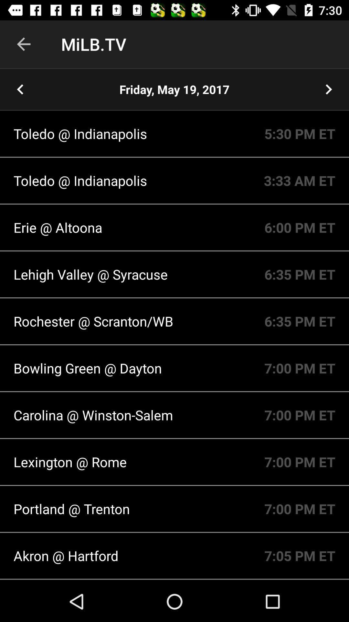  What do you see at coordinates (174, 89) in the screenshot?
I see `icon above the toledo @ indianapolis` at bounding box center [174, 89].